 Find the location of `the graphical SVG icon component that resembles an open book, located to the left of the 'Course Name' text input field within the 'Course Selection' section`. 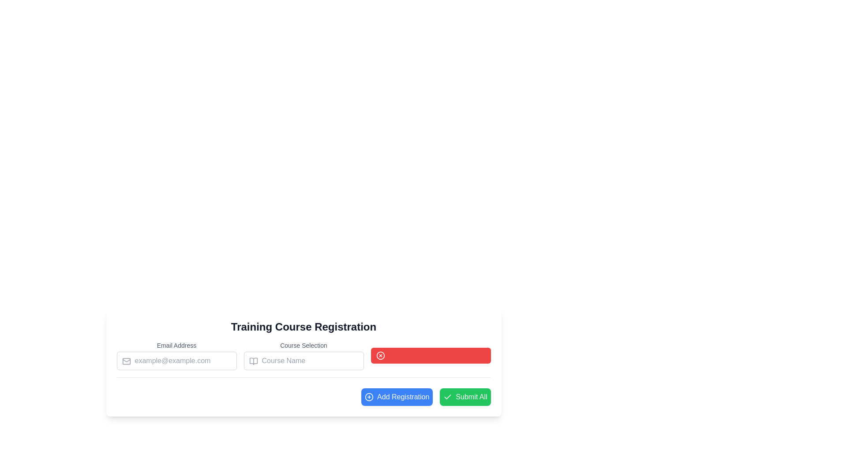

the graphical SVG icon component that resembles an open book, located to the left of the 'Course Name' text input field within the 'Course Selection' section is located at coordinates (253, 361).